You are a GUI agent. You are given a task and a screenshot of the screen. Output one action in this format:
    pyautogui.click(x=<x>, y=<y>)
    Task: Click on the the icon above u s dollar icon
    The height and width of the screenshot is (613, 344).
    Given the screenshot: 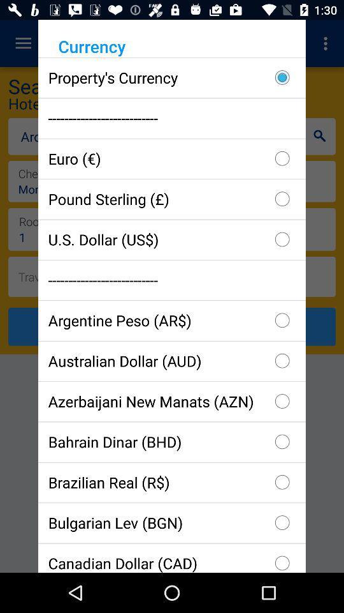 What is the action you would take?
    pyautogui.click(x=172, y=199)
    